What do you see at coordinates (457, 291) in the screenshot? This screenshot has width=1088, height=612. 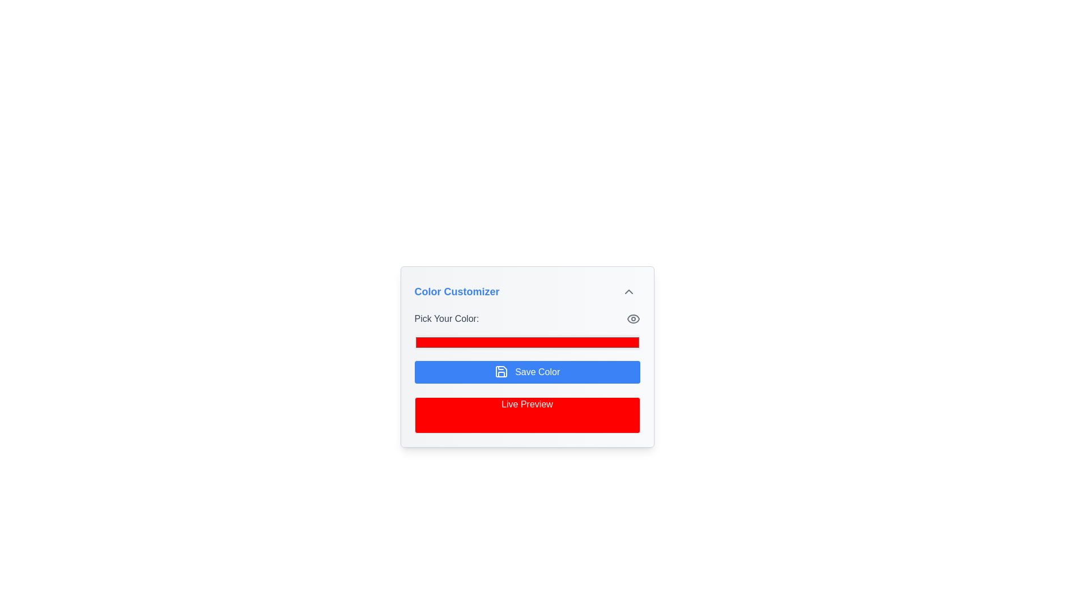 I see `the text heading styled in blue with bold and large font that reads 'Color Customizer', located at the top-left corner of the panel` at bounding box center [457, 291].